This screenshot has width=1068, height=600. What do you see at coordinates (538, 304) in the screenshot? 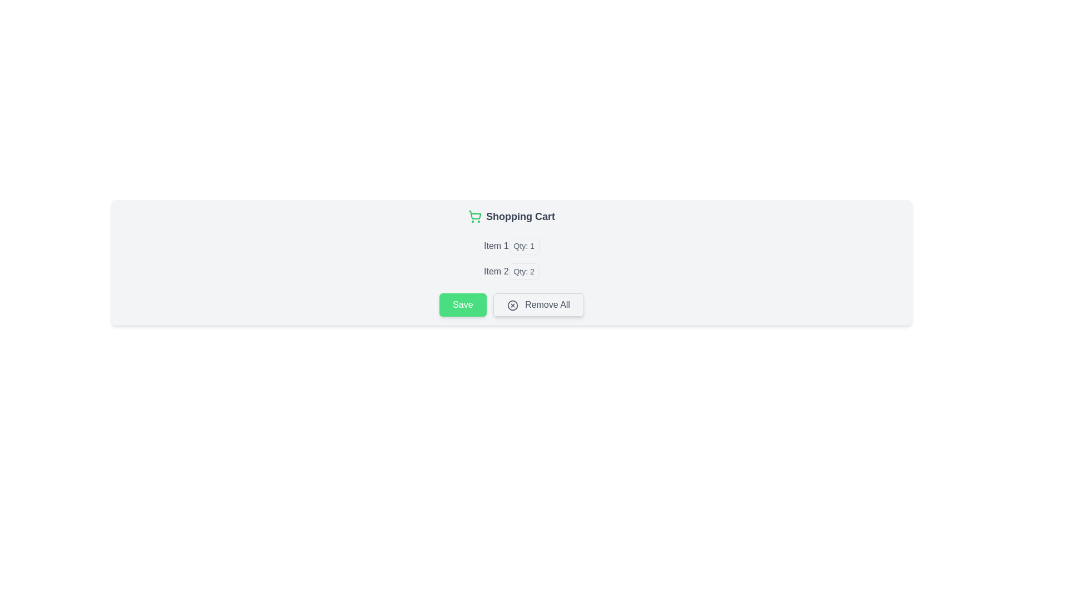
I see `the 'Remove All' button, which is a rectangular button with rounded corners, light gray border, and light gray text, to change its background color` at bounding box center [538, 304].